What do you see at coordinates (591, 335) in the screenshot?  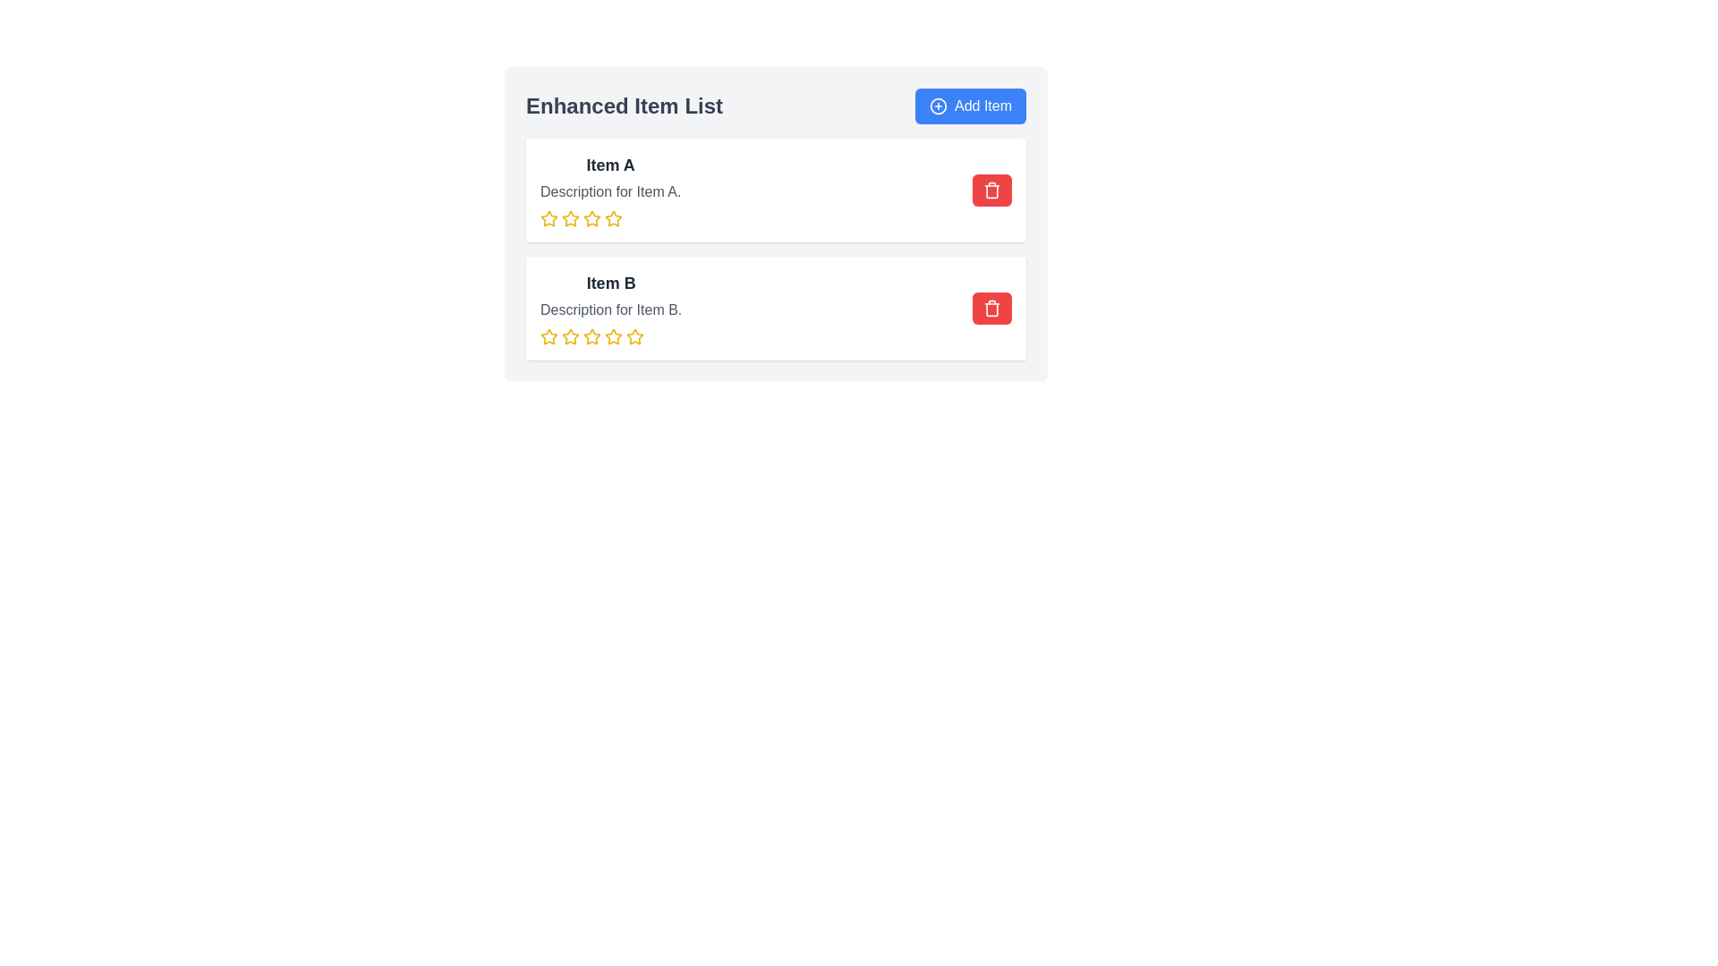 I see `the second star icon in the rating system below 'Item B'` at bounding box center [591, 335].